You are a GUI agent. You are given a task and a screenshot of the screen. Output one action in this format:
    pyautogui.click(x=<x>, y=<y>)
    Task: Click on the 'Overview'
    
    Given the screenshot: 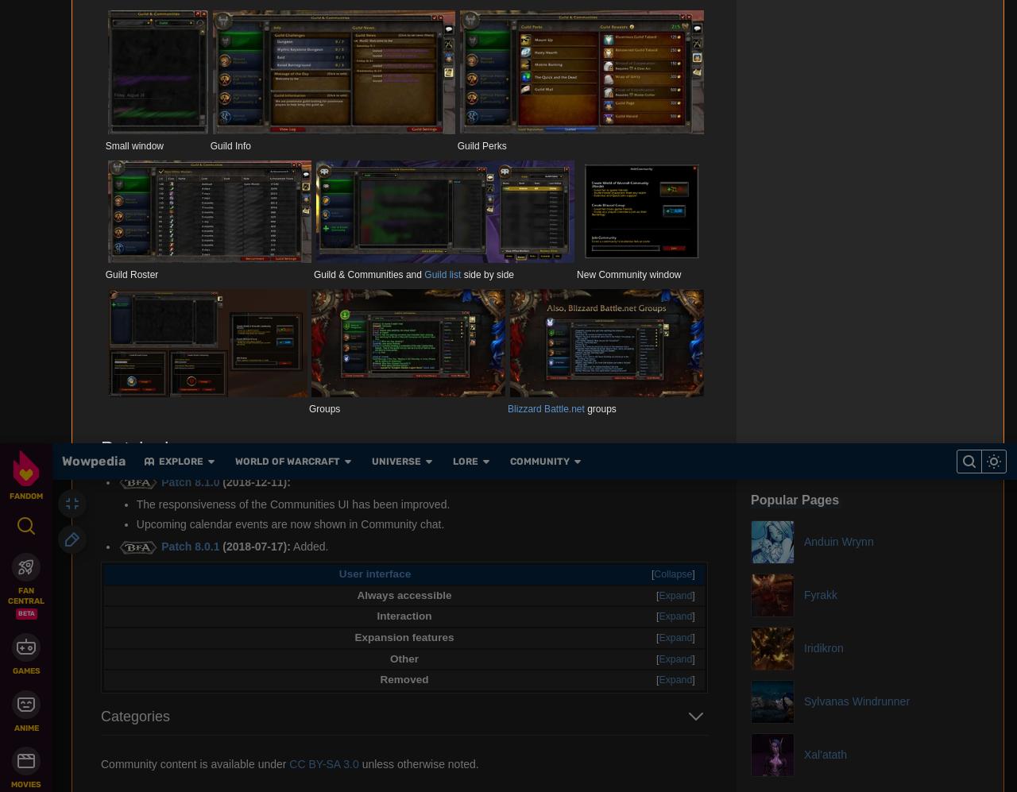 What is the action you would take?
    pyautogui.click(x=367, y=23)
    